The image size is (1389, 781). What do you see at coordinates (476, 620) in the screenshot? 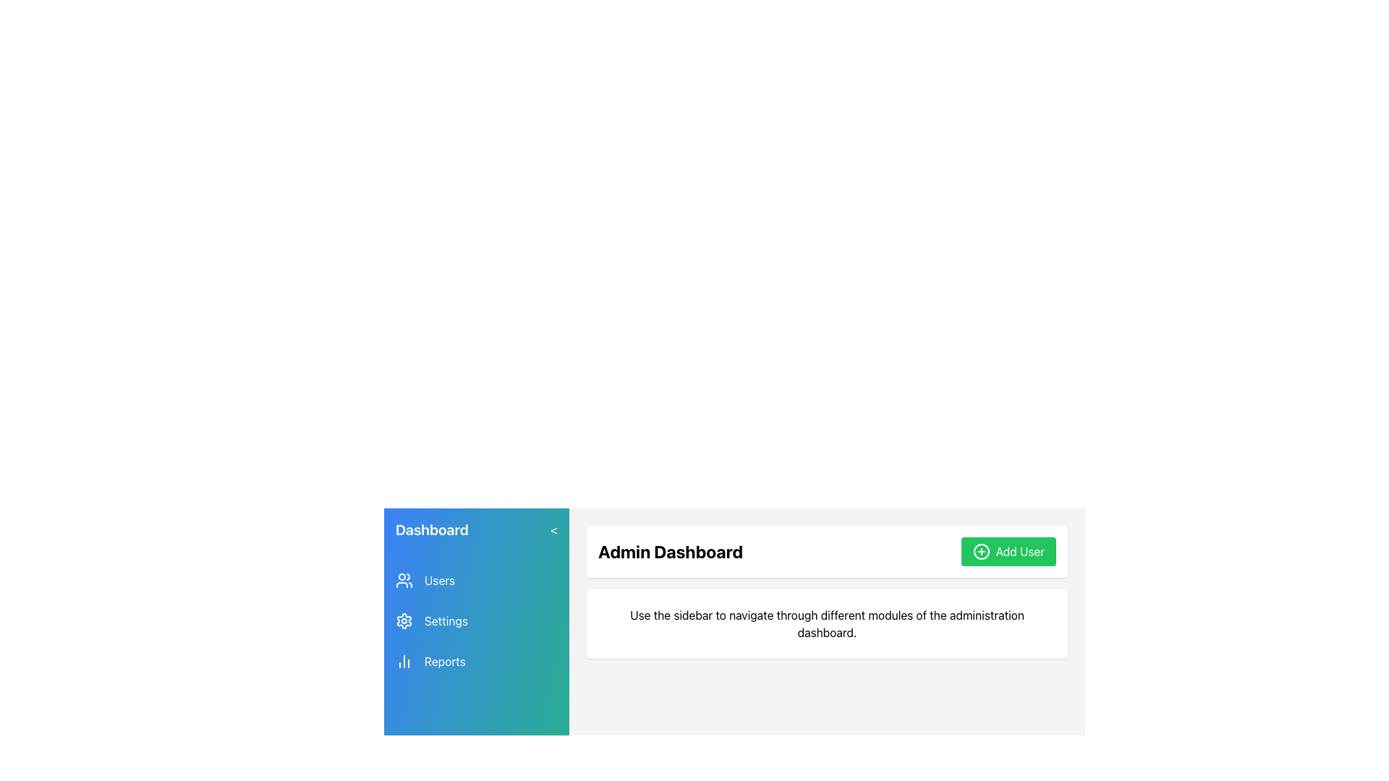
I see `the 'Settings' button located in the sidebar menu` at bounding box center [476, 620].